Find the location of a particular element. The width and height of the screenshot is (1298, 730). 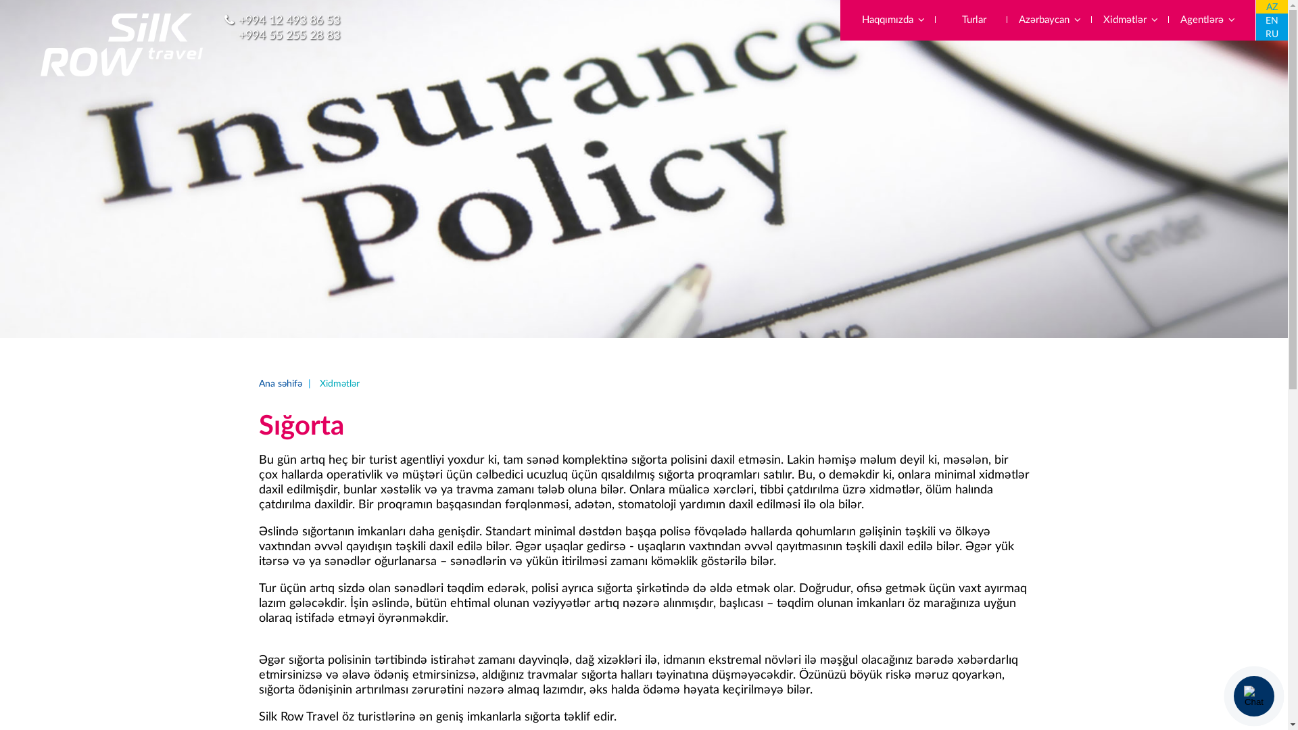

'+994 12 493 86 53' is located at coordinates (239, 20).